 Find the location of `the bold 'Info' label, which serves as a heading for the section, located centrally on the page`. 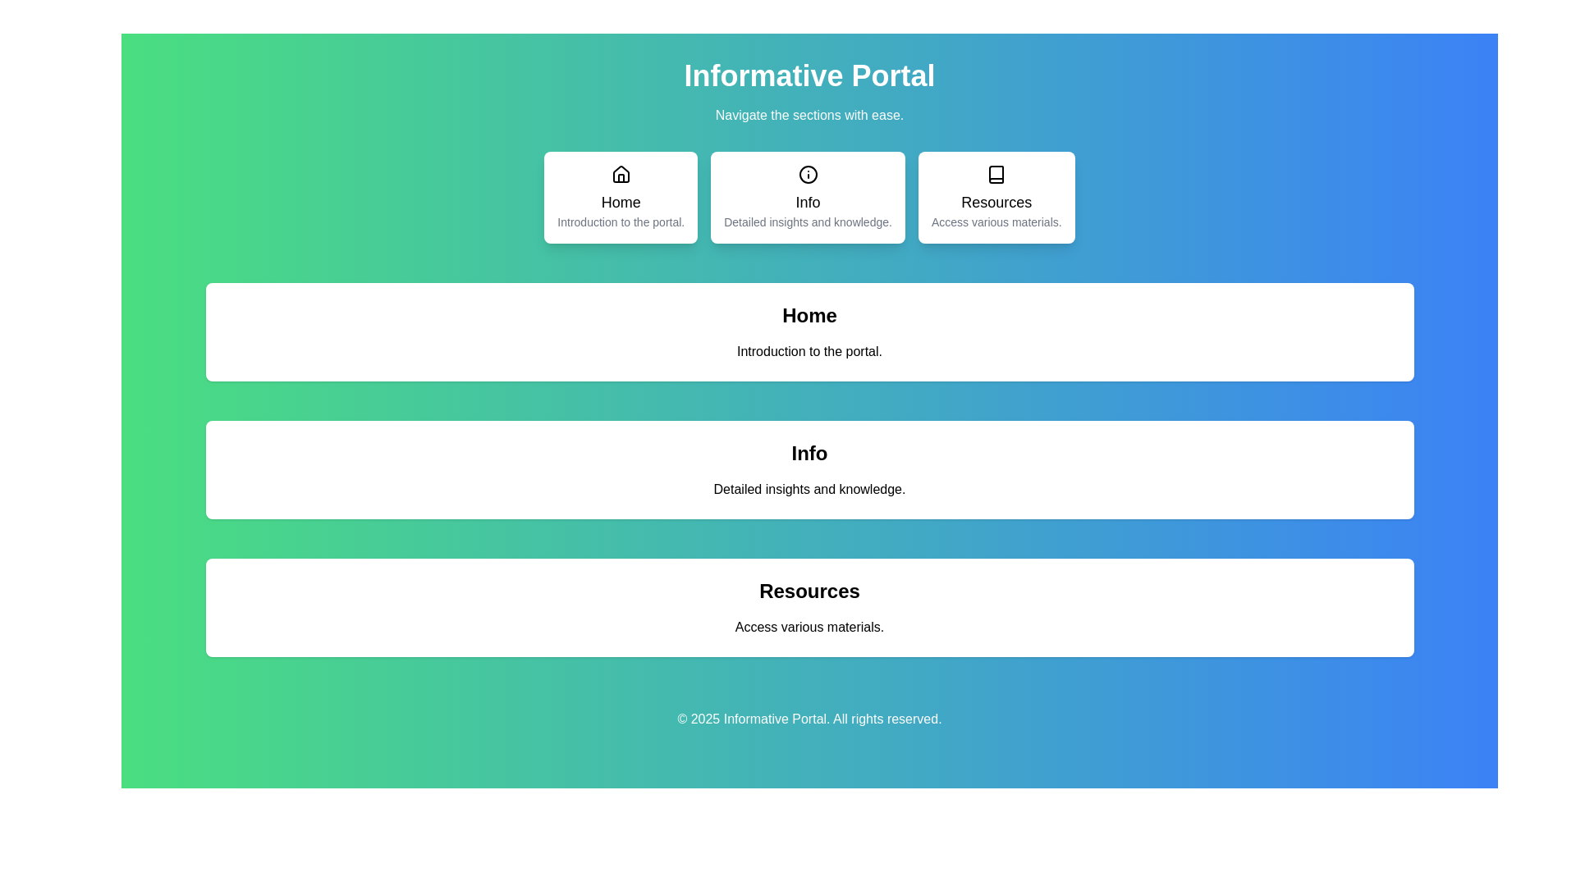

the bold 'Info' label, which serves as a heading for the section, located centrally on the page is located at coordinates (809, 453).